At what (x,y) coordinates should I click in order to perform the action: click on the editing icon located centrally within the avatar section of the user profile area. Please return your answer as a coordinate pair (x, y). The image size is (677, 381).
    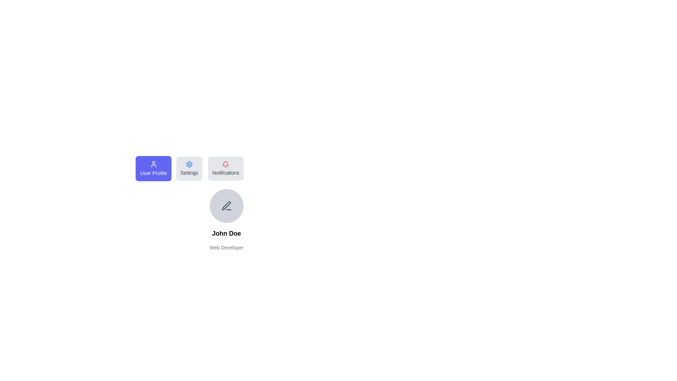
    Looking at the image, I should click on (226, 206).